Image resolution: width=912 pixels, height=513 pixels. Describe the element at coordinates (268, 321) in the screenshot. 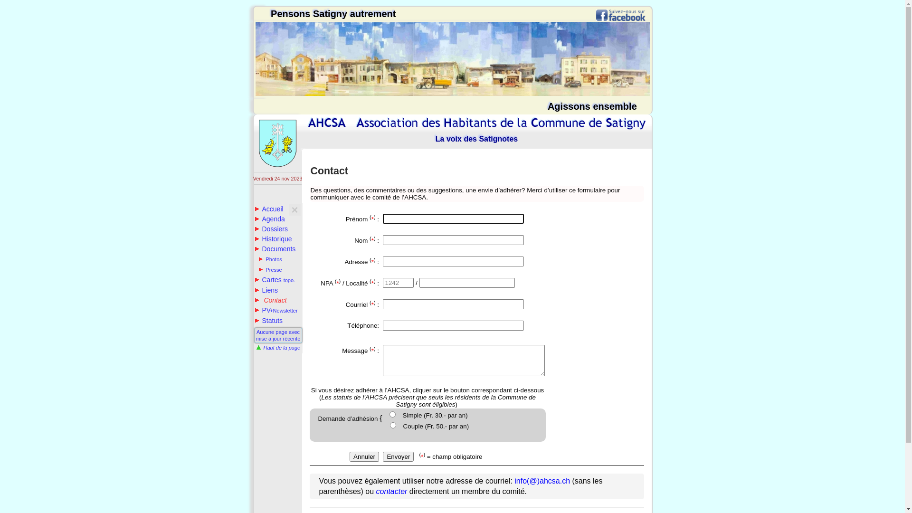

I see `'Statuts'` at that location.